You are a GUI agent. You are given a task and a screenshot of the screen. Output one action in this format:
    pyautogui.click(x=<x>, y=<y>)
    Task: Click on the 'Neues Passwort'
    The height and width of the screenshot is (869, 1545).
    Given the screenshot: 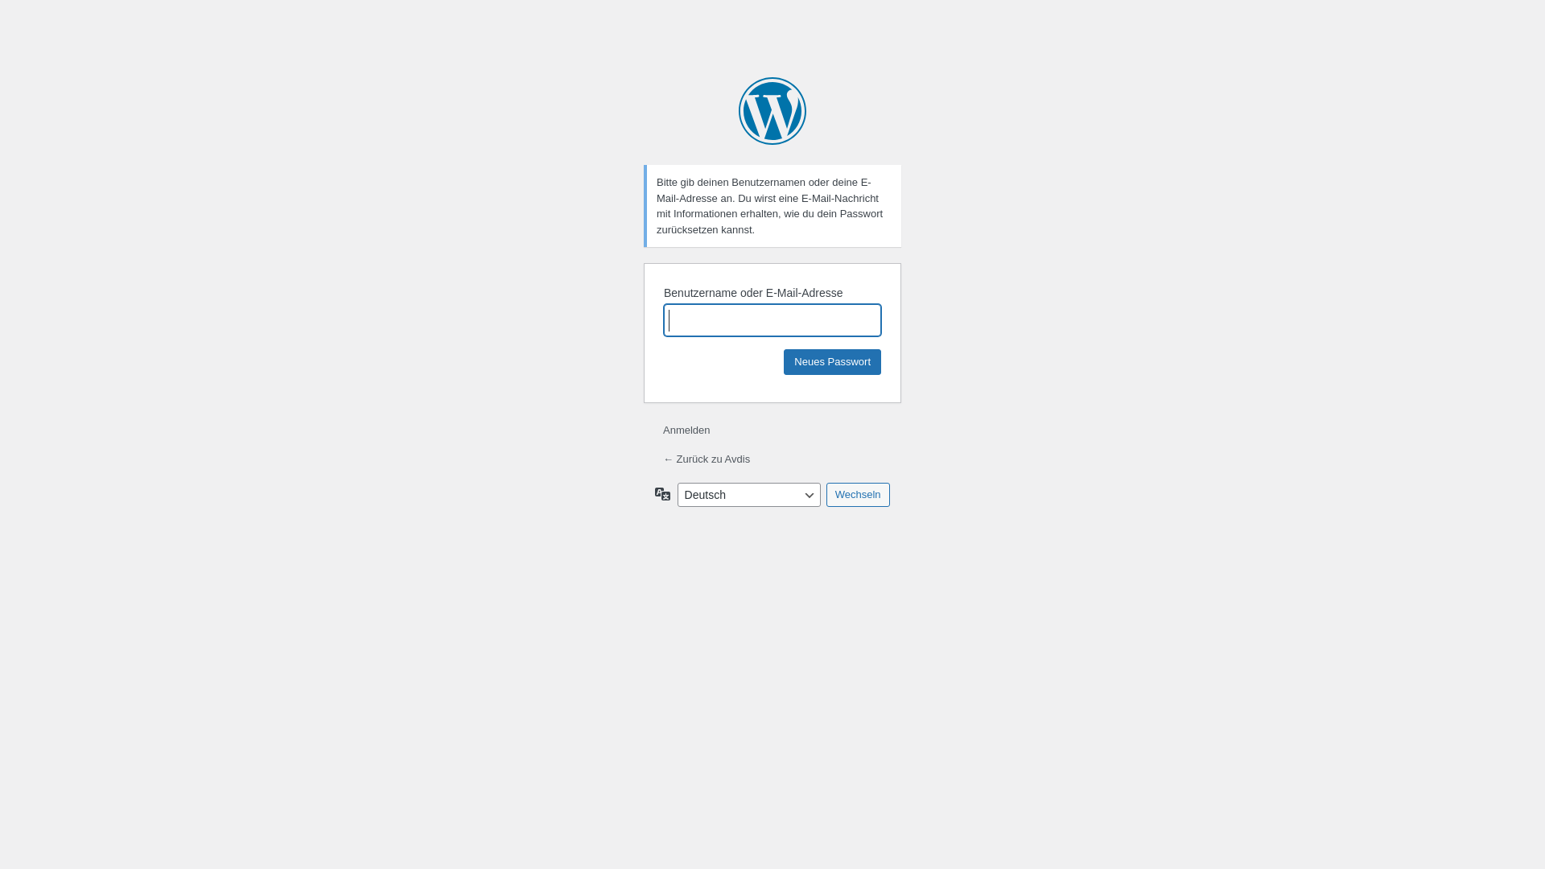 What is the action you would take?
    pyautogui.click(x=832, y=362)
    